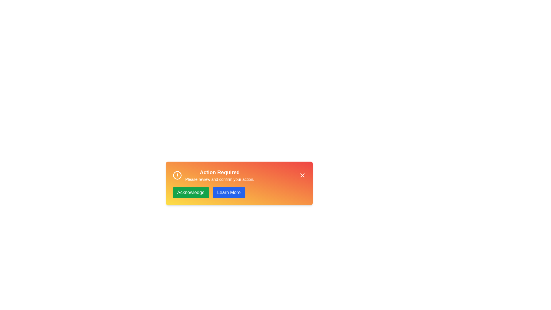 The width and height of the screenshot is (551, 310). Describe the element at coordinates (191, 193) in the screenshot. I see `the 'Acknowledge' button to acknowledge the alert` at that location.